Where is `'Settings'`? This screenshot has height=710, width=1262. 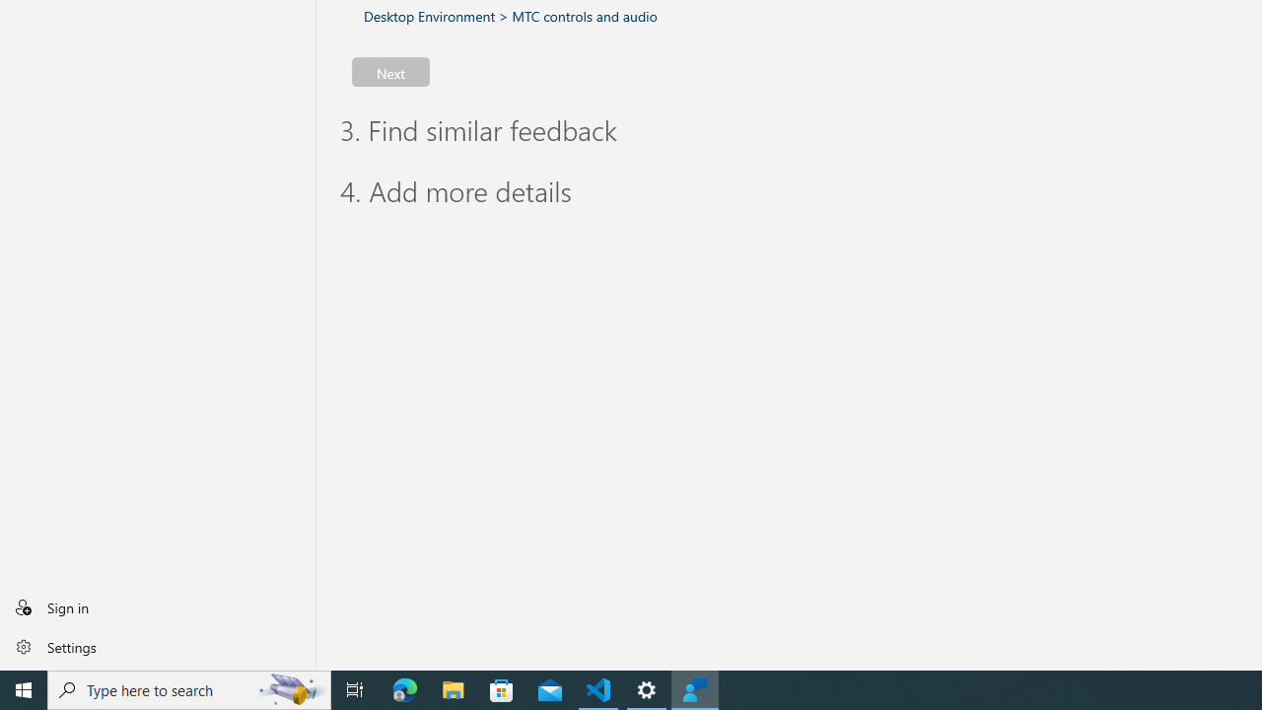 'Settings' is located at coordinates (158, 646).